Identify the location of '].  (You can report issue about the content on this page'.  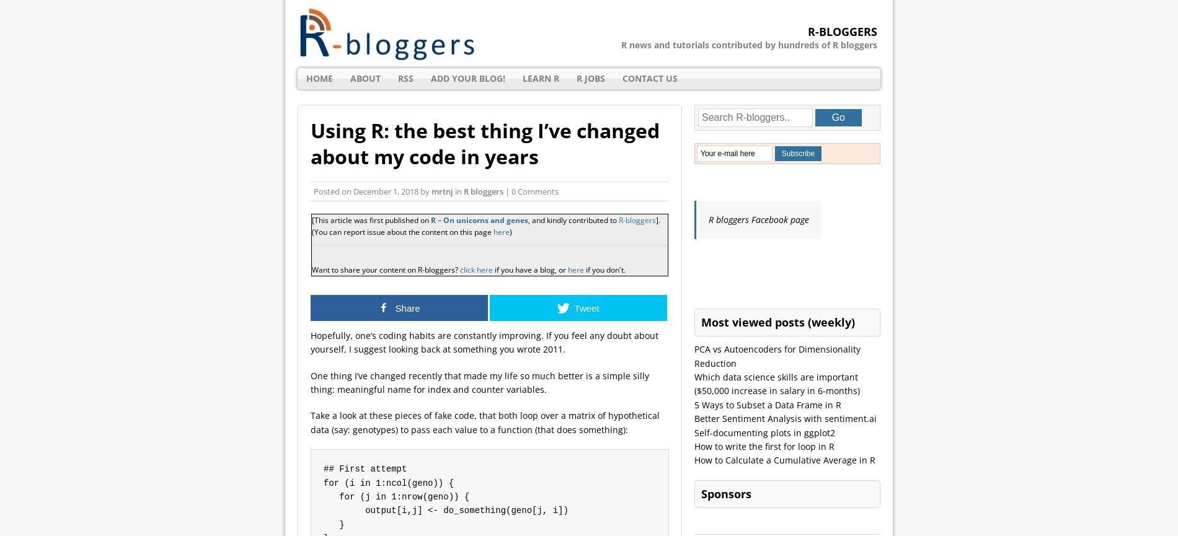
(485, 226).